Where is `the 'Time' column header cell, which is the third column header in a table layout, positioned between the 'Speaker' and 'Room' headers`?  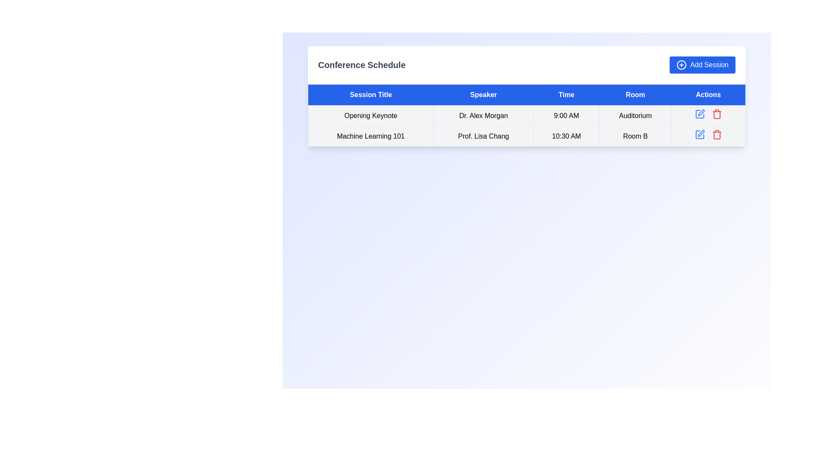
the 'Time' column header cell, which is the third column header in a table layout, positioned between the 'Speaker' and 'Room' headers is located at coordinates (566, 95).